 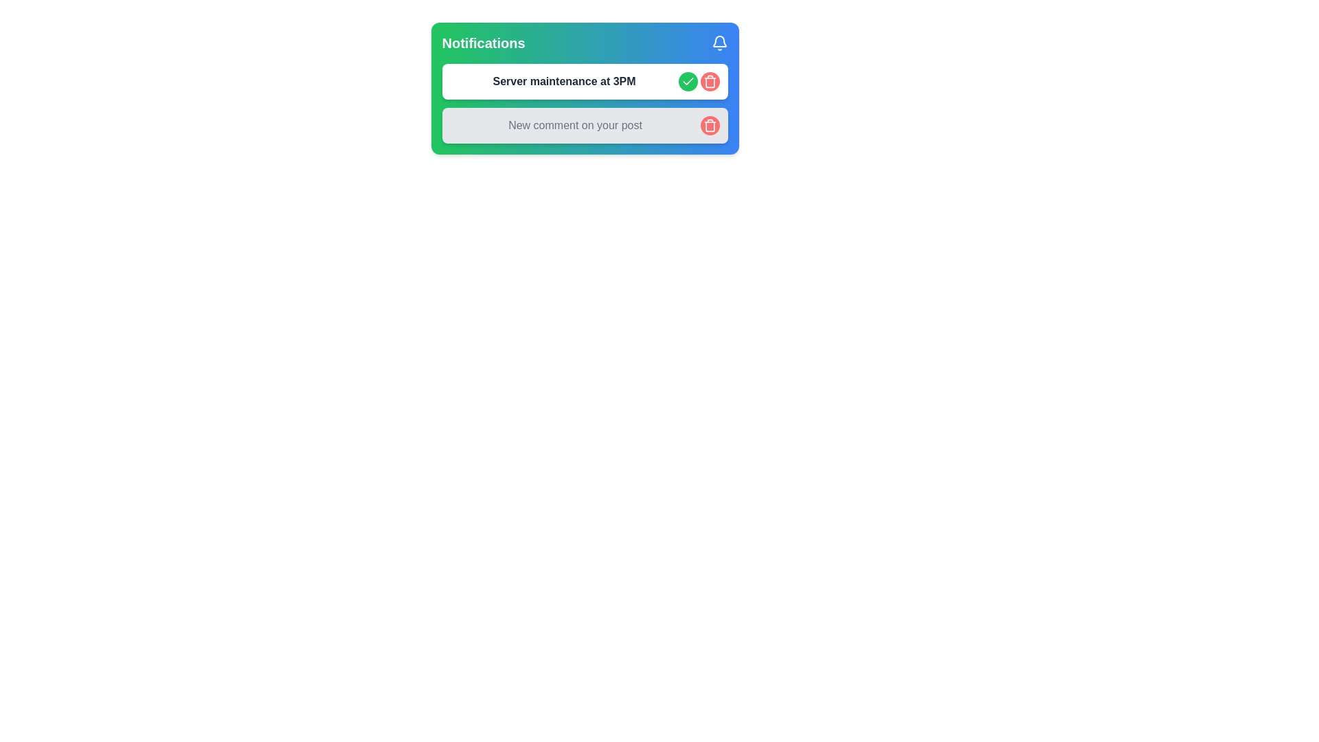 What do you see at coordinates (710, 125) in the screenshot?
I see `the delete icon button located in the second notification item on the right-hand side to trigger the tooltip or visual feedback` at bounding box center [710, 125].